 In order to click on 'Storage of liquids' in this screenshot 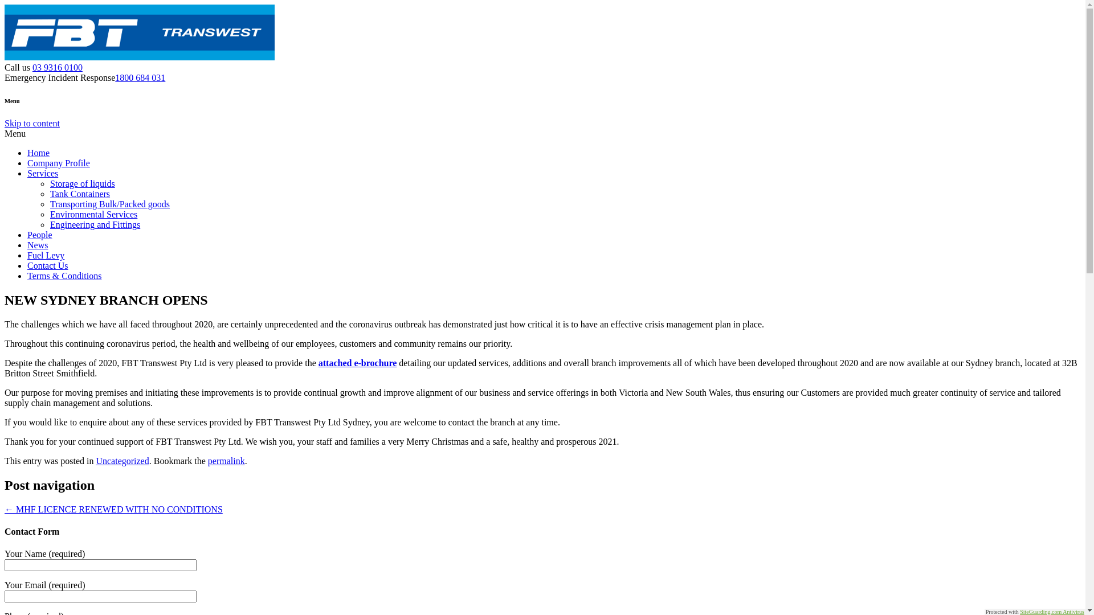, I will do `click(81, 183)`.